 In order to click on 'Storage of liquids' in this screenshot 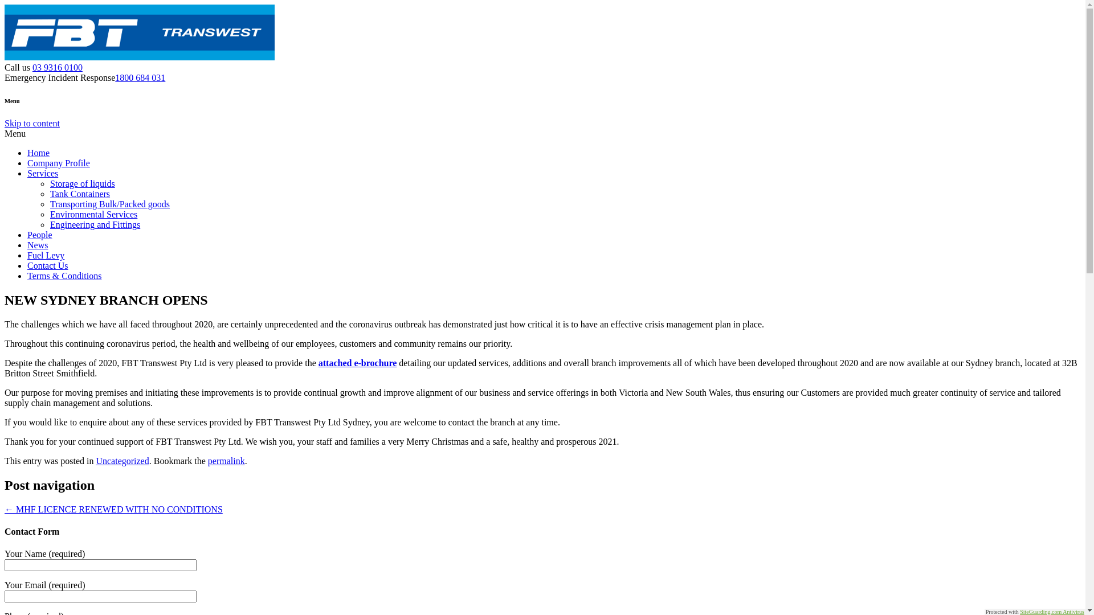, I will do `click(81, 183)`.